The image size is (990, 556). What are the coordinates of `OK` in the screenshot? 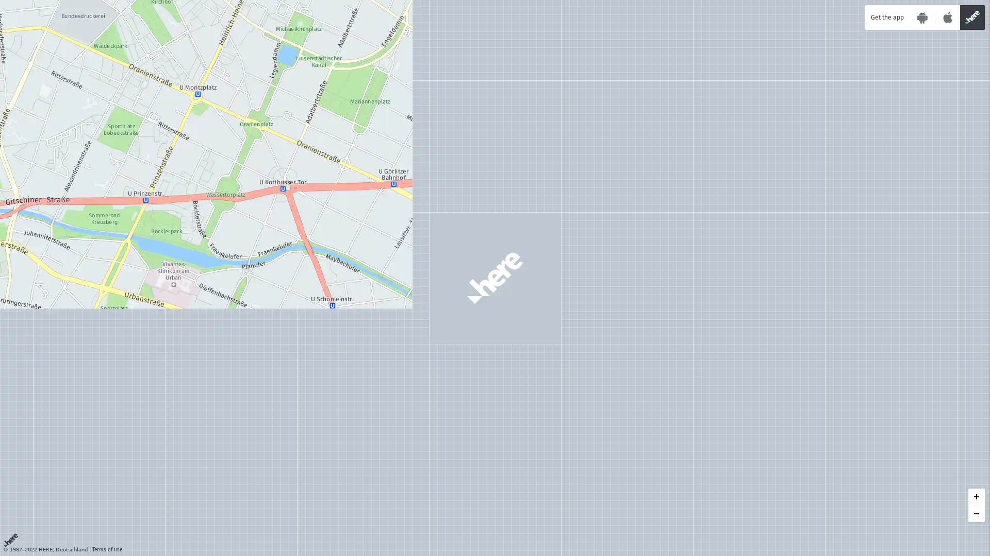 It's located at (154, 537).